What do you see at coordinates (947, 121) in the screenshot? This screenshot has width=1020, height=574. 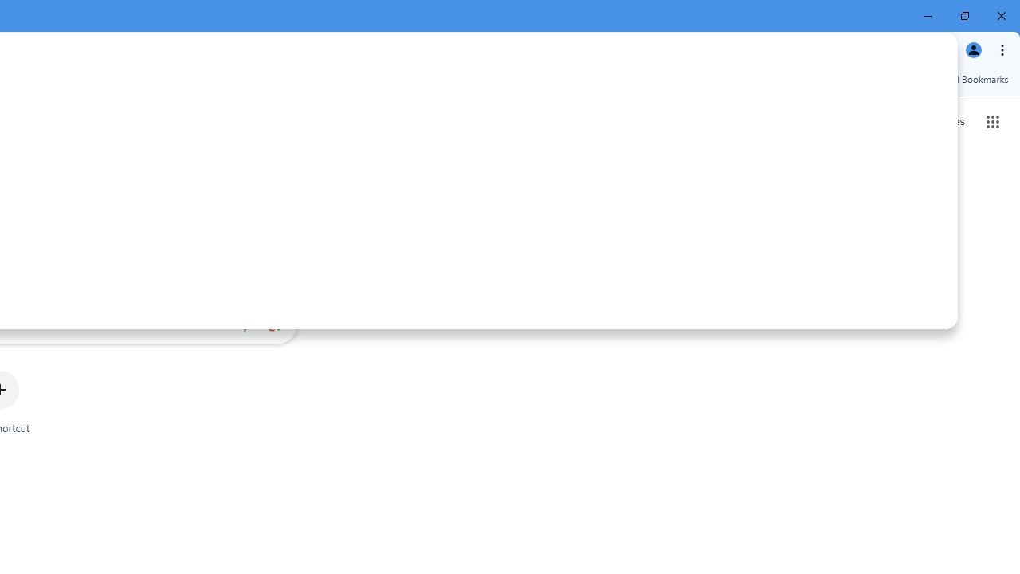 I see `'Search for Images '` at bounding box center [947, 121].